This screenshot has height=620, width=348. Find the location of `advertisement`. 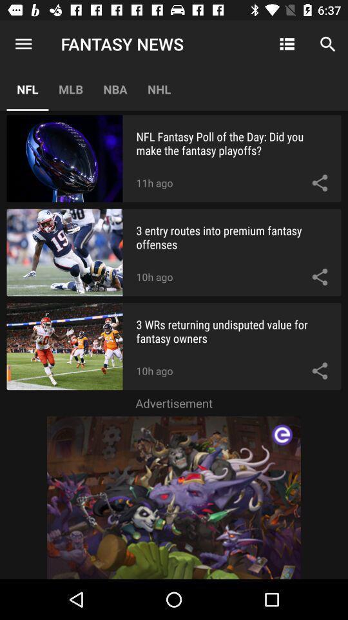

advertisement is located at coordinates (174, 497).